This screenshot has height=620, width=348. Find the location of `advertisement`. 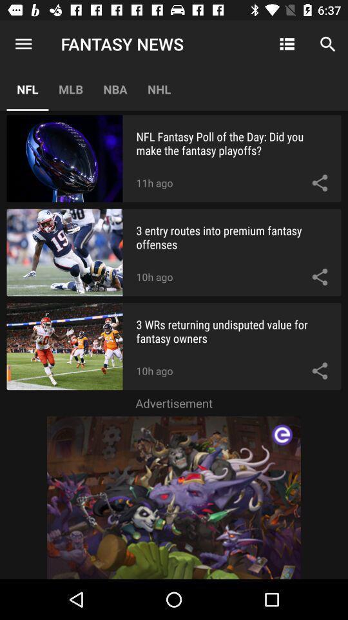

advertisement is located at coordinates (174, 497).